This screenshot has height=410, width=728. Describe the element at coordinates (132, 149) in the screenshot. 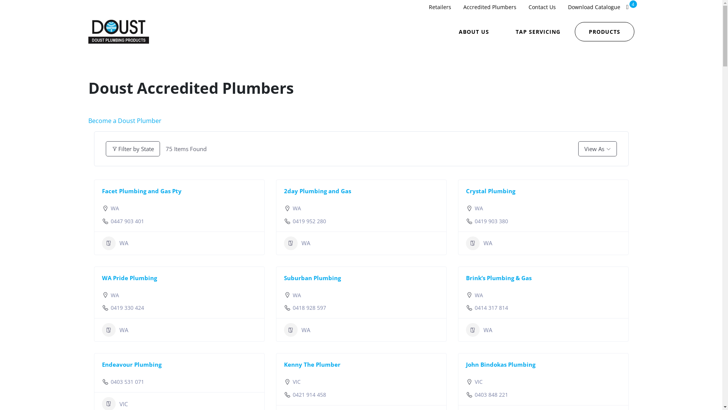

I see `'Filter by State'` at that location.